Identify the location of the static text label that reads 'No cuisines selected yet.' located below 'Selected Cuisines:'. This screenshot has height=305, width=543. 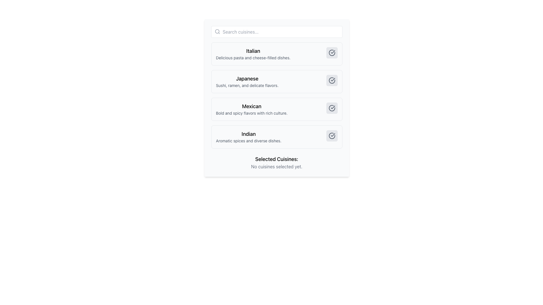
(277, 166).